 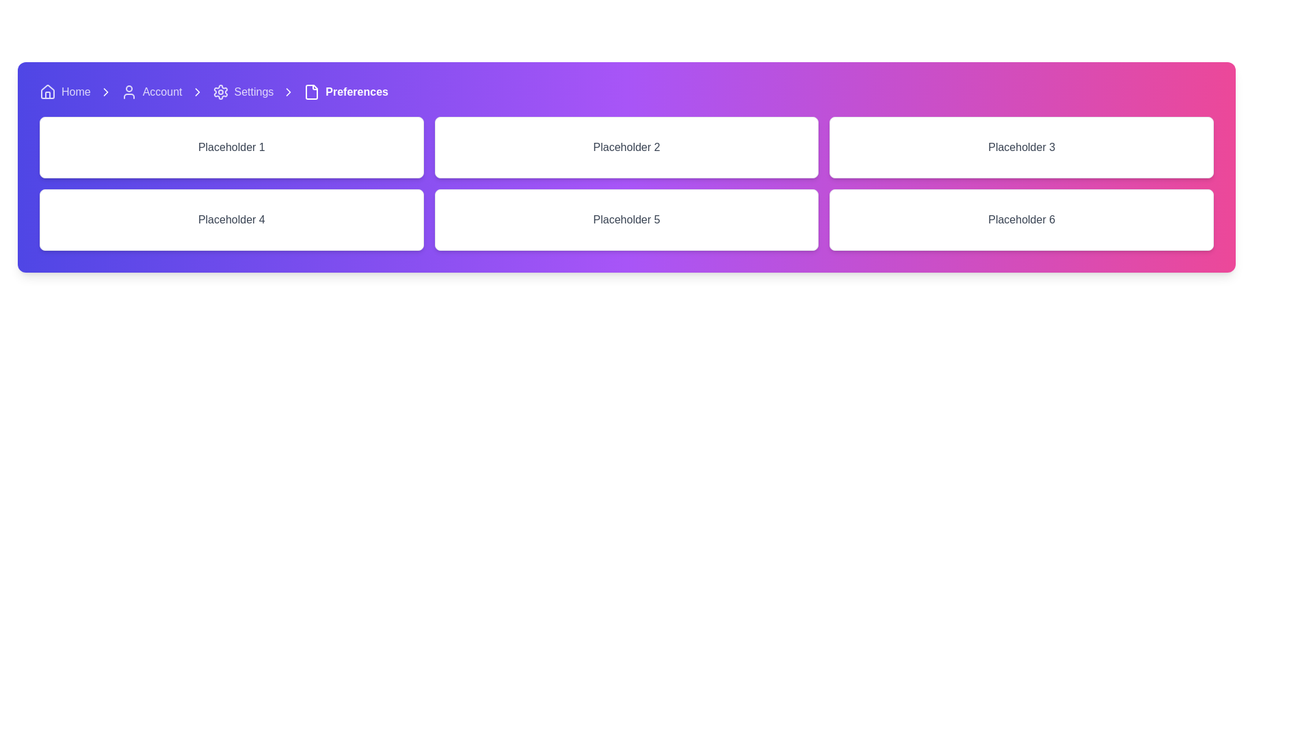 I want to click on the small folder or file icon located to the left of the text 'Preferences' in the breadcrumb navigation bar, so click(x=311, y=92).